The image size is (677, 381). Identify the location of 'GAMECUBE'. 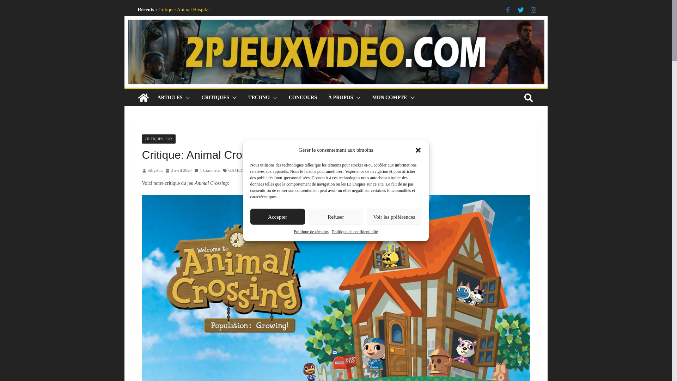
(240, 170).